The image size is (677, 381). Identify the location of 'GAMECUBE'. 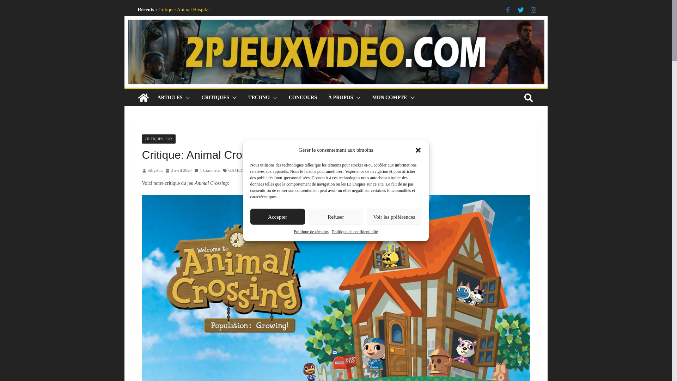
(240, 170).